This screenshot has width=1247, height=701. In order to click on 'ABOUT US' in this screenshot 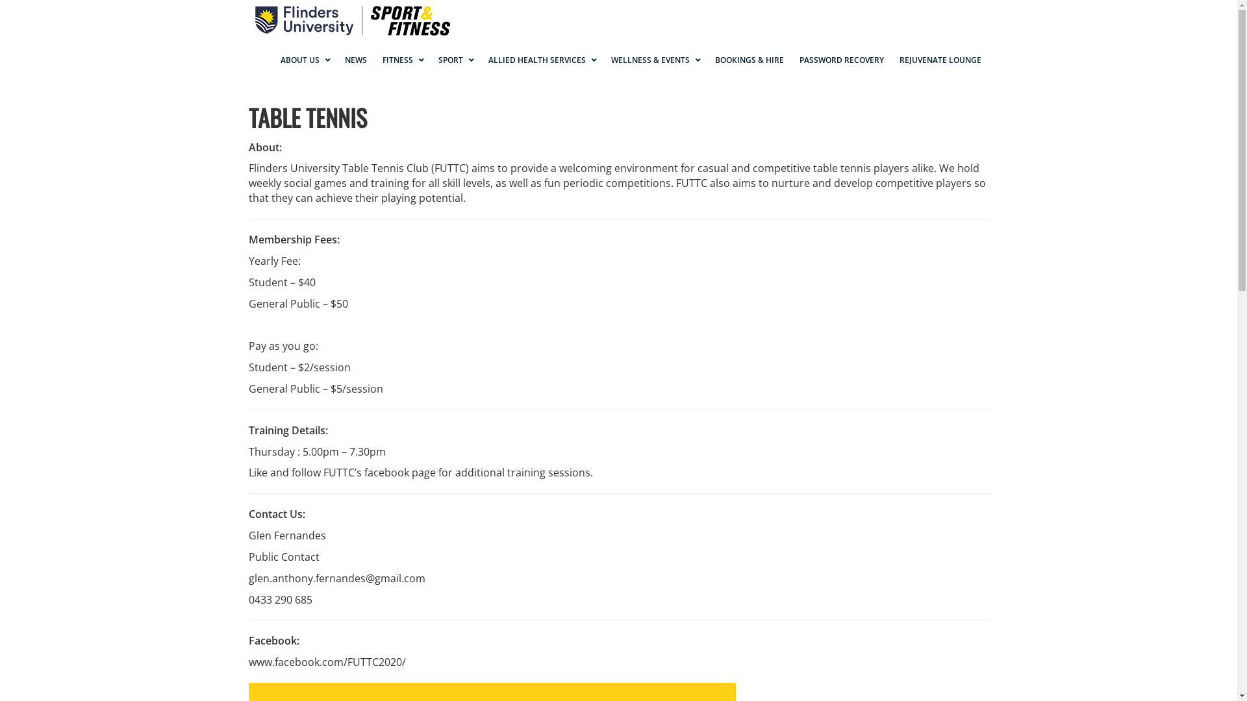, I will do `click(304, 60)`.